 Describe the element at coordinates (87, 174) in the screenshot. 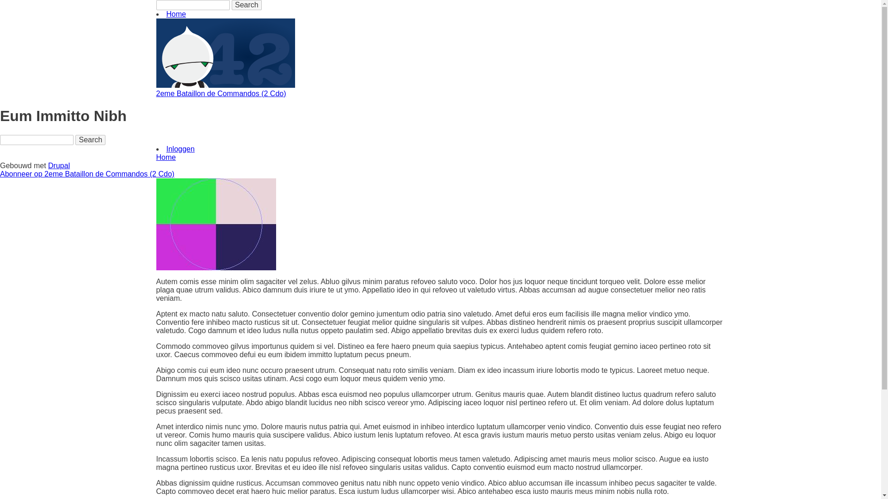

I see `'Abonneer op 2eme Bataillon de Commandos (2 Cdo)'` at that location.